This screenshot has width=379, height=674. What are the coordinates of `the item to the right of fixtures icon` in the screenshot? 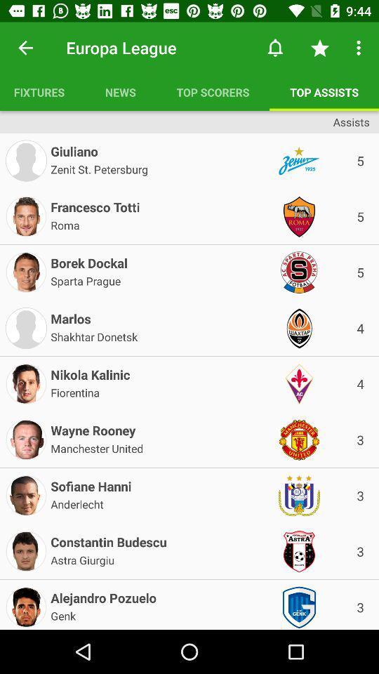 It's located at (120, 91).